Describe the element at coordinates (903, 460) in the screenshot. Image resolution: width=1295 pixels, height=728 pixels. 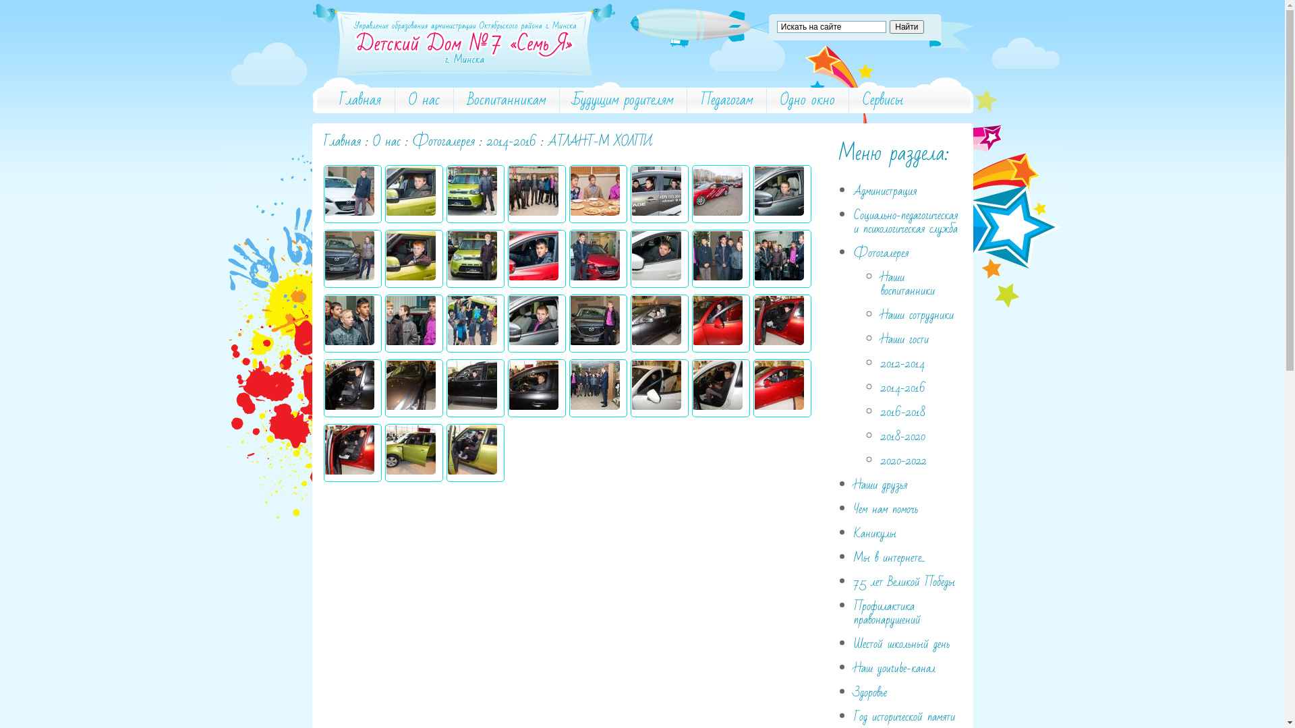
I see `'2020-2022'` at that location.